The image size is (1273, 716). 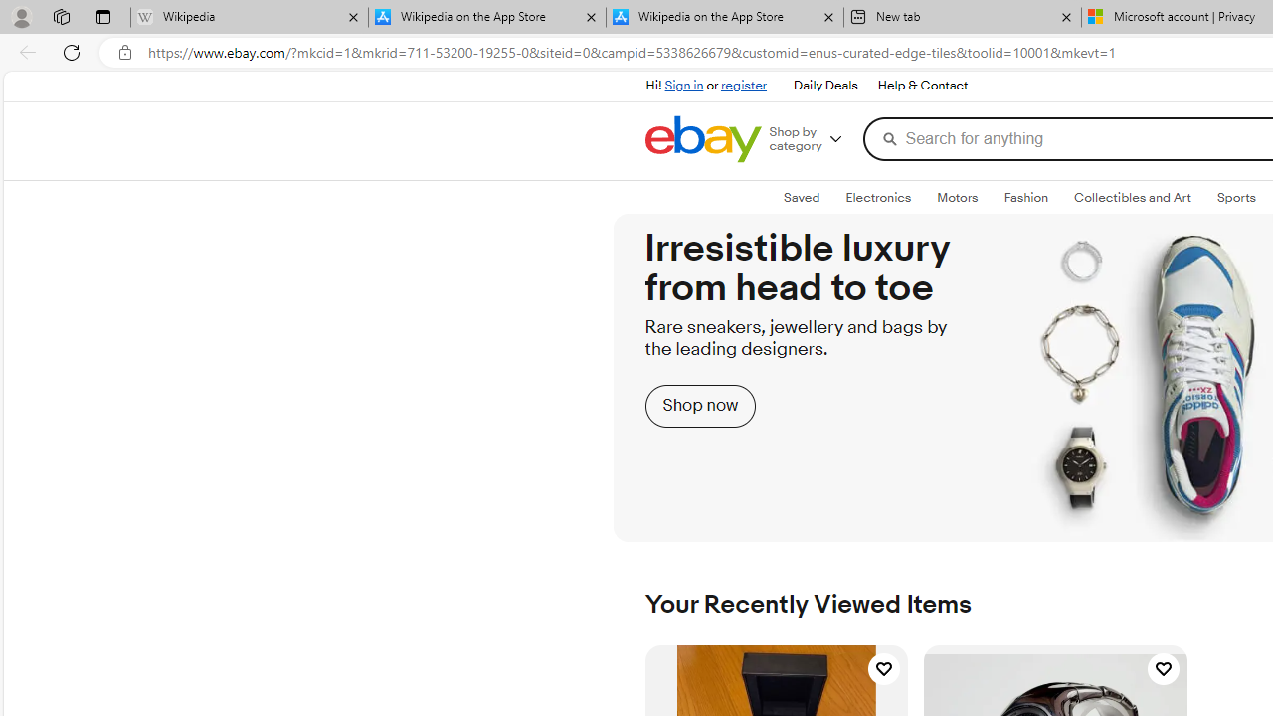 What do you see at coordinates (802, 198) in the screenshot?
I see `'Saved'` at bounding box center [802, 198].